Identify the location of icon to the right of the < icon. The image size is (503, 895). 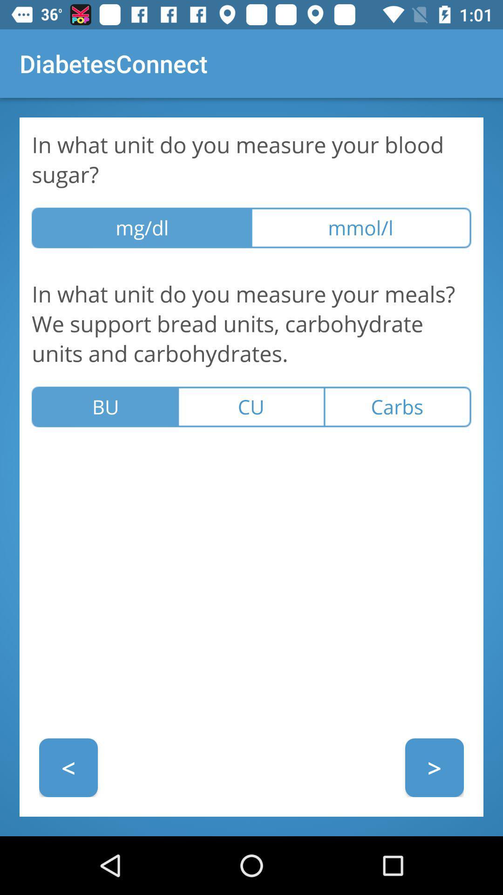
(435, 767).